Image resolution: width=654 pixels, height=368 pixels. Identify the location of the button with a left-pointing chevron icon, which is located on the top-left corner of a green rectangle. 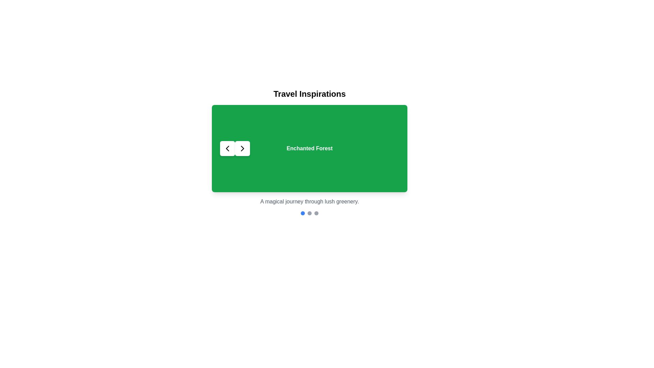
(227, 148).